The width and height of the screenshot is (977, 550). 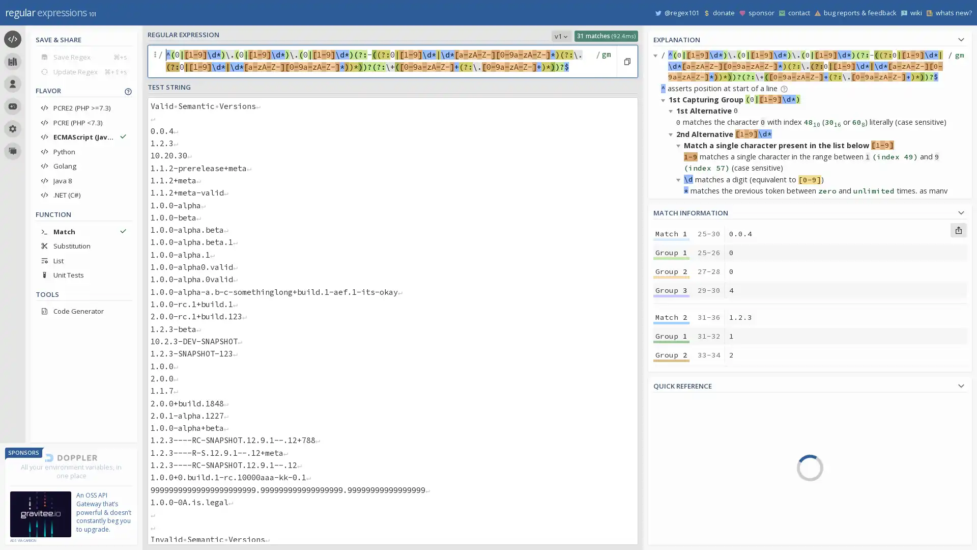 I want to click on Python, so click(x=83, y=151).